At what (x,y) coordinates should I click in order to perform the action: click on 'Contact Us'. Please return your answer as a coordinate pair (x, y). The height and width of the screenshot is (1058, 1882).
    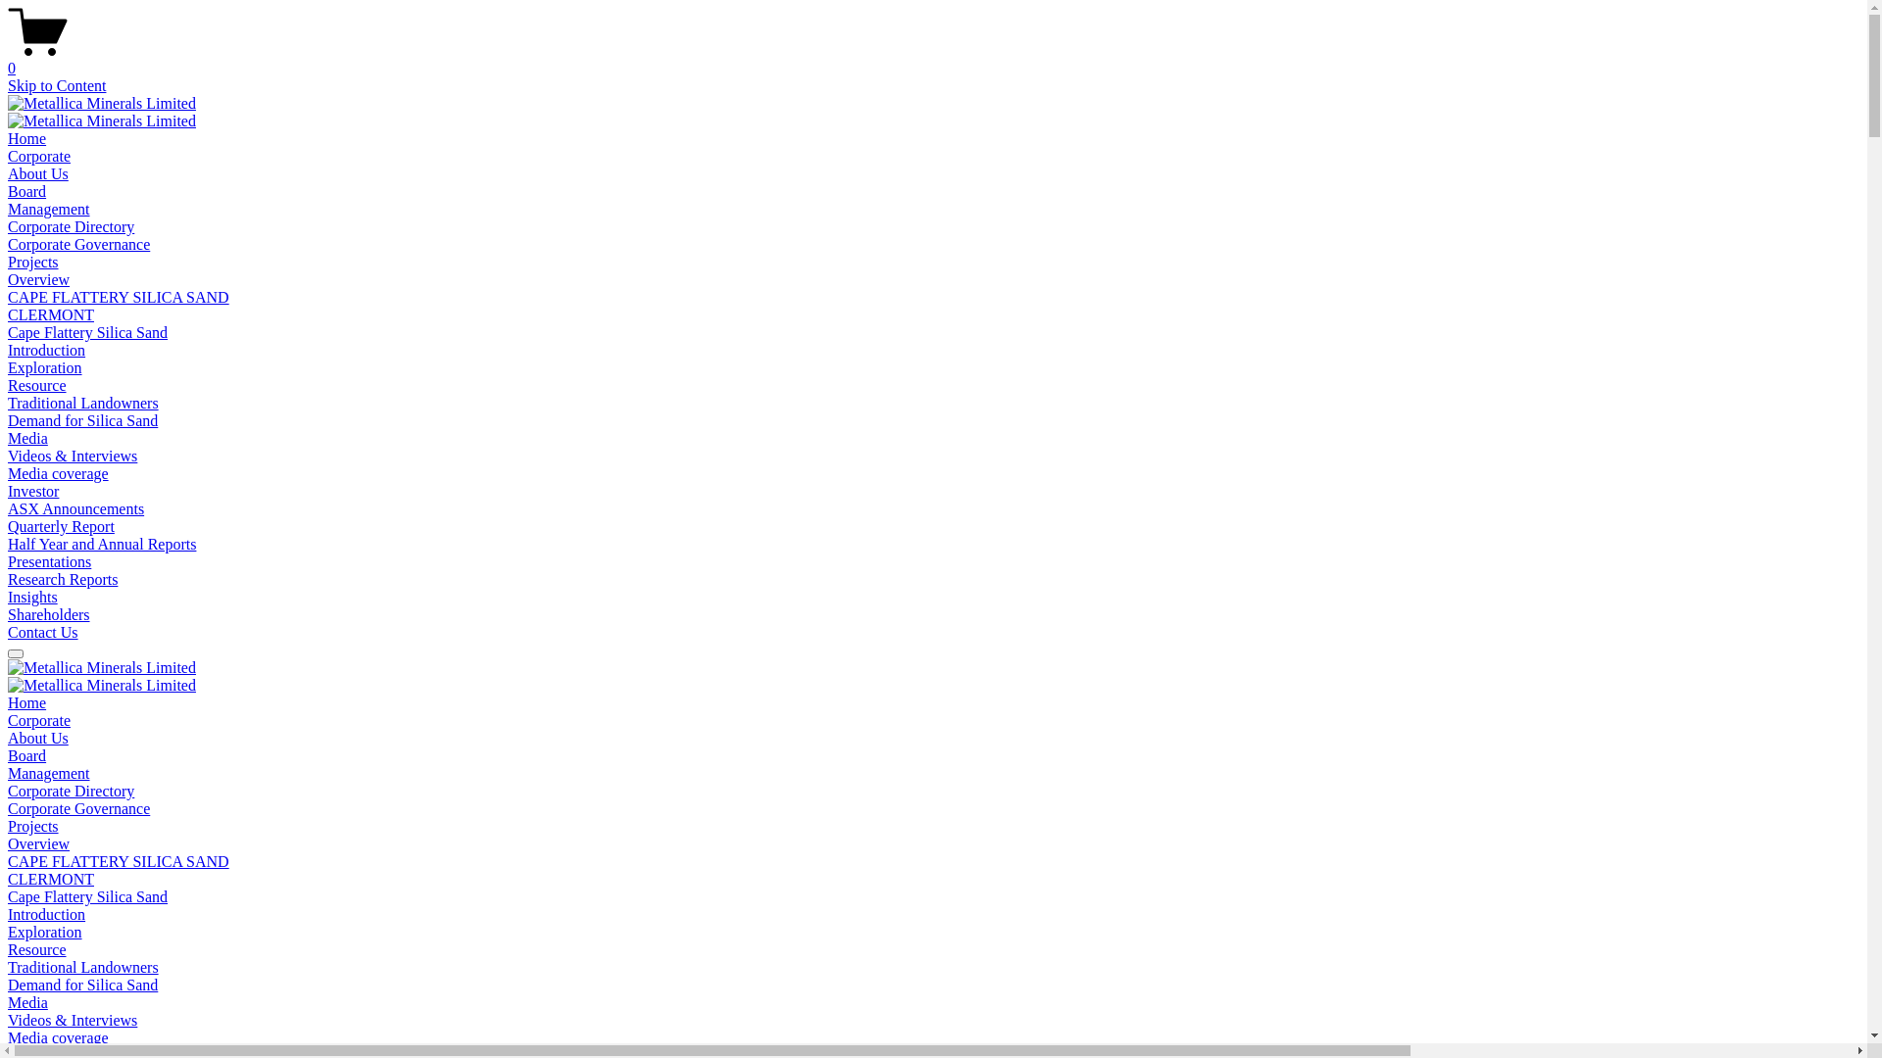
    Looking at the image, I should click on (42, 632).